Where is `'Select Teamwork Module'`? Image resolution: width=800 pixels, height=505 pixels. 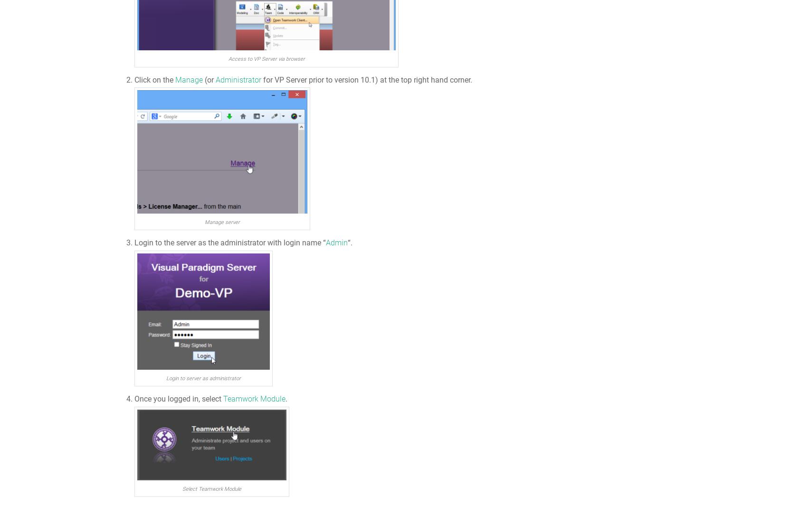
'Select Teamwork Module' is located at coordinates (211, 488).